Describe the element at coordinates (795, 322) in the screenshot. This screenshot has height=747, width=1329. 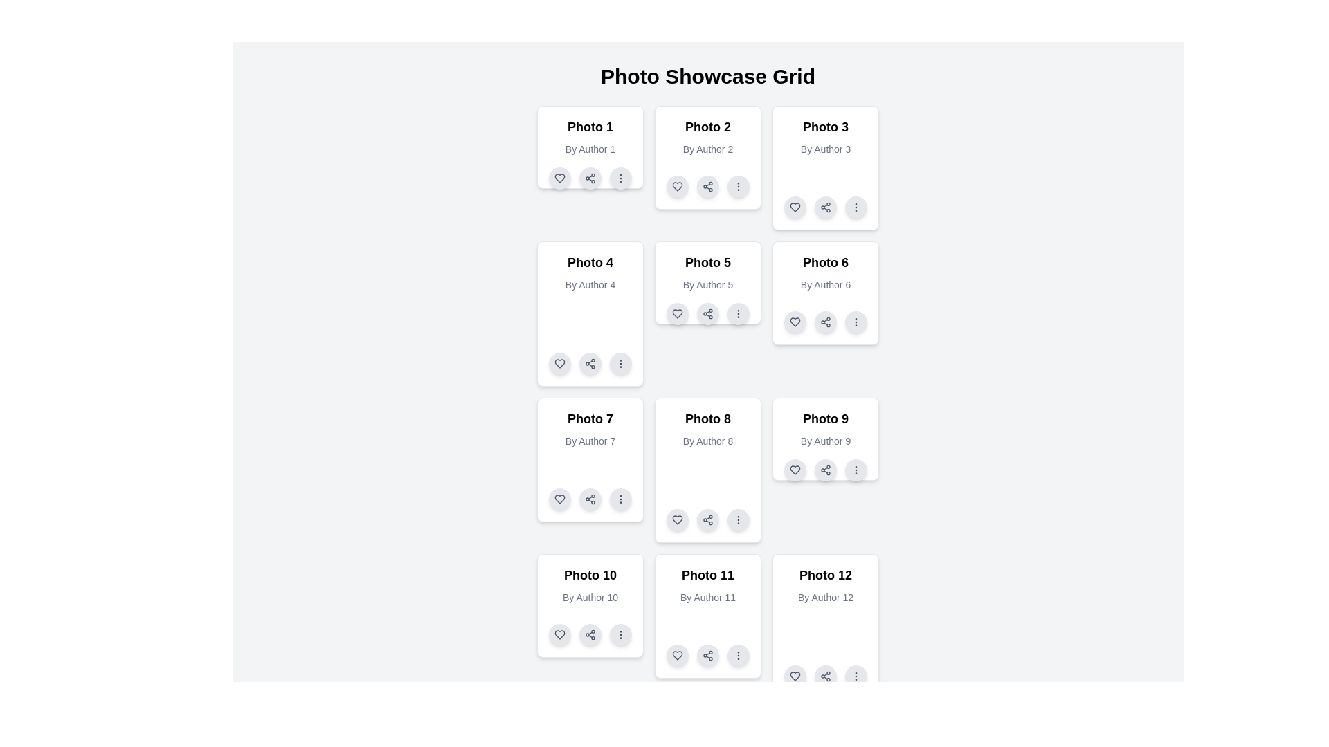
I see `the heart-shaped 'like' button located under the card titled 'Photo 6' in the photo showcase grid` at that location.